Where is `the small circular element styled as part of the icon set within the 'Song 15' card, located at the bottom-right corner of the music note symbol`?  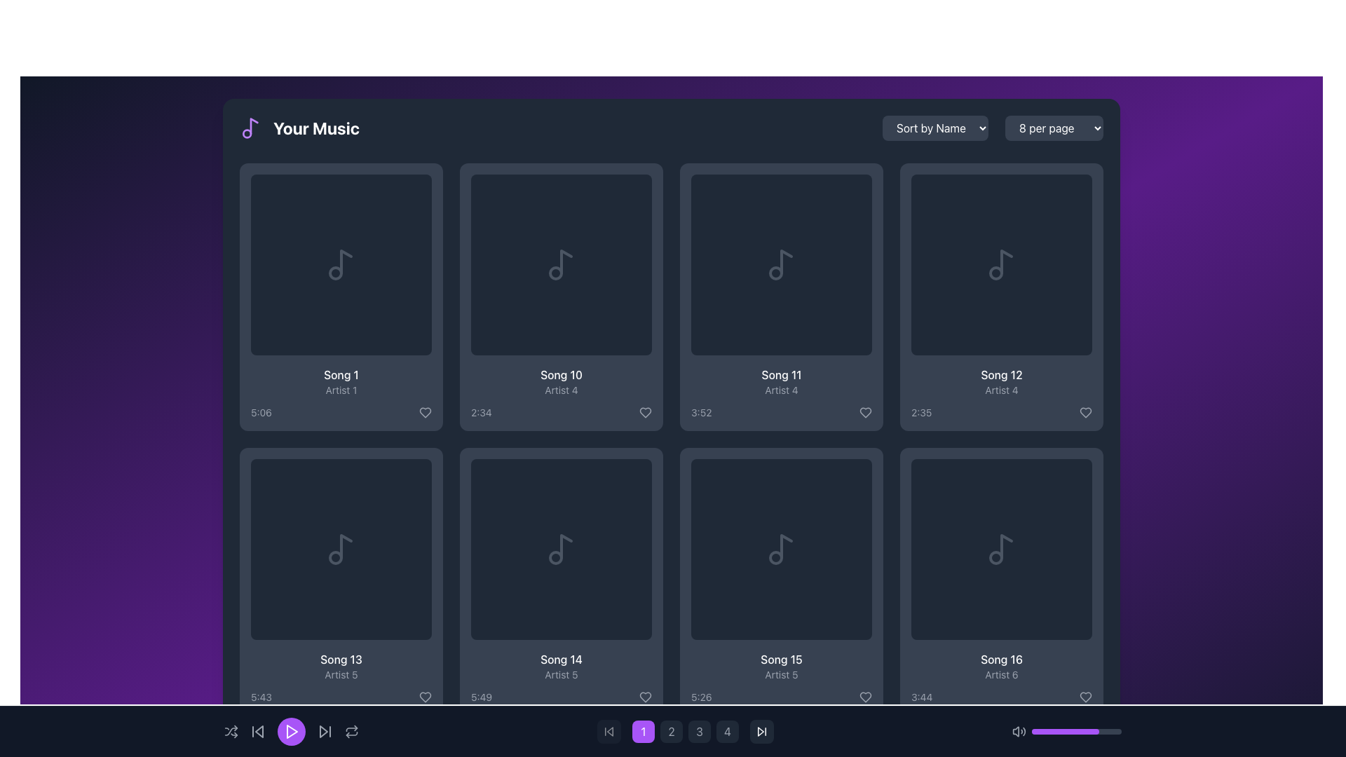
the small circular element styled as part of the icon set within the 'Song 15' card, located at the bottom-right corner of the music note symbol is located at coordinates (775, 557).